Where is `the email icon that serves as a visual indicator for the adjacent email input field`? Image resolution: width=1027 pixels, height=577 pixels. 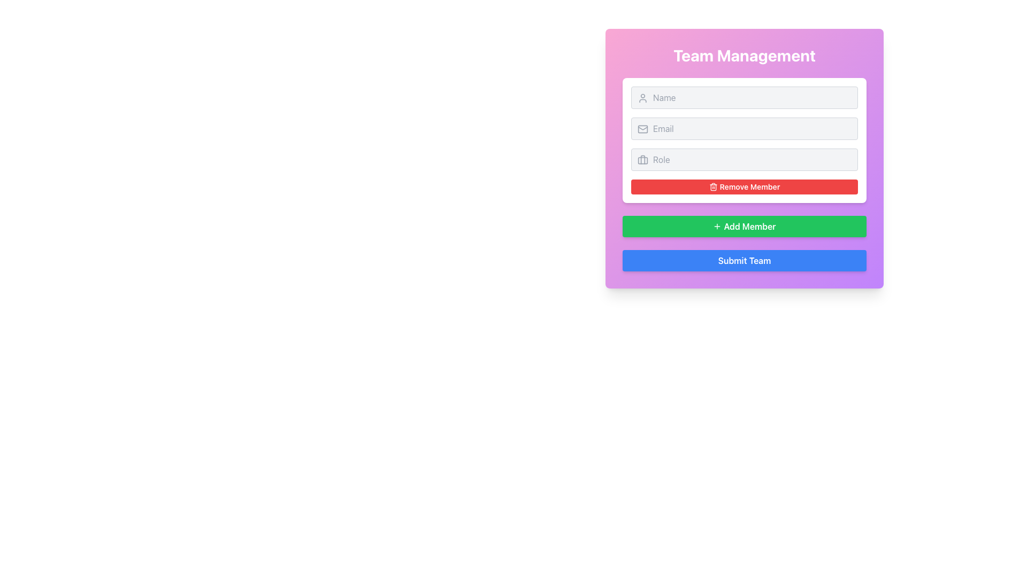
the email icon that serves as a visual indicator for the adjacent email input field is located at coordinates (642, 129).